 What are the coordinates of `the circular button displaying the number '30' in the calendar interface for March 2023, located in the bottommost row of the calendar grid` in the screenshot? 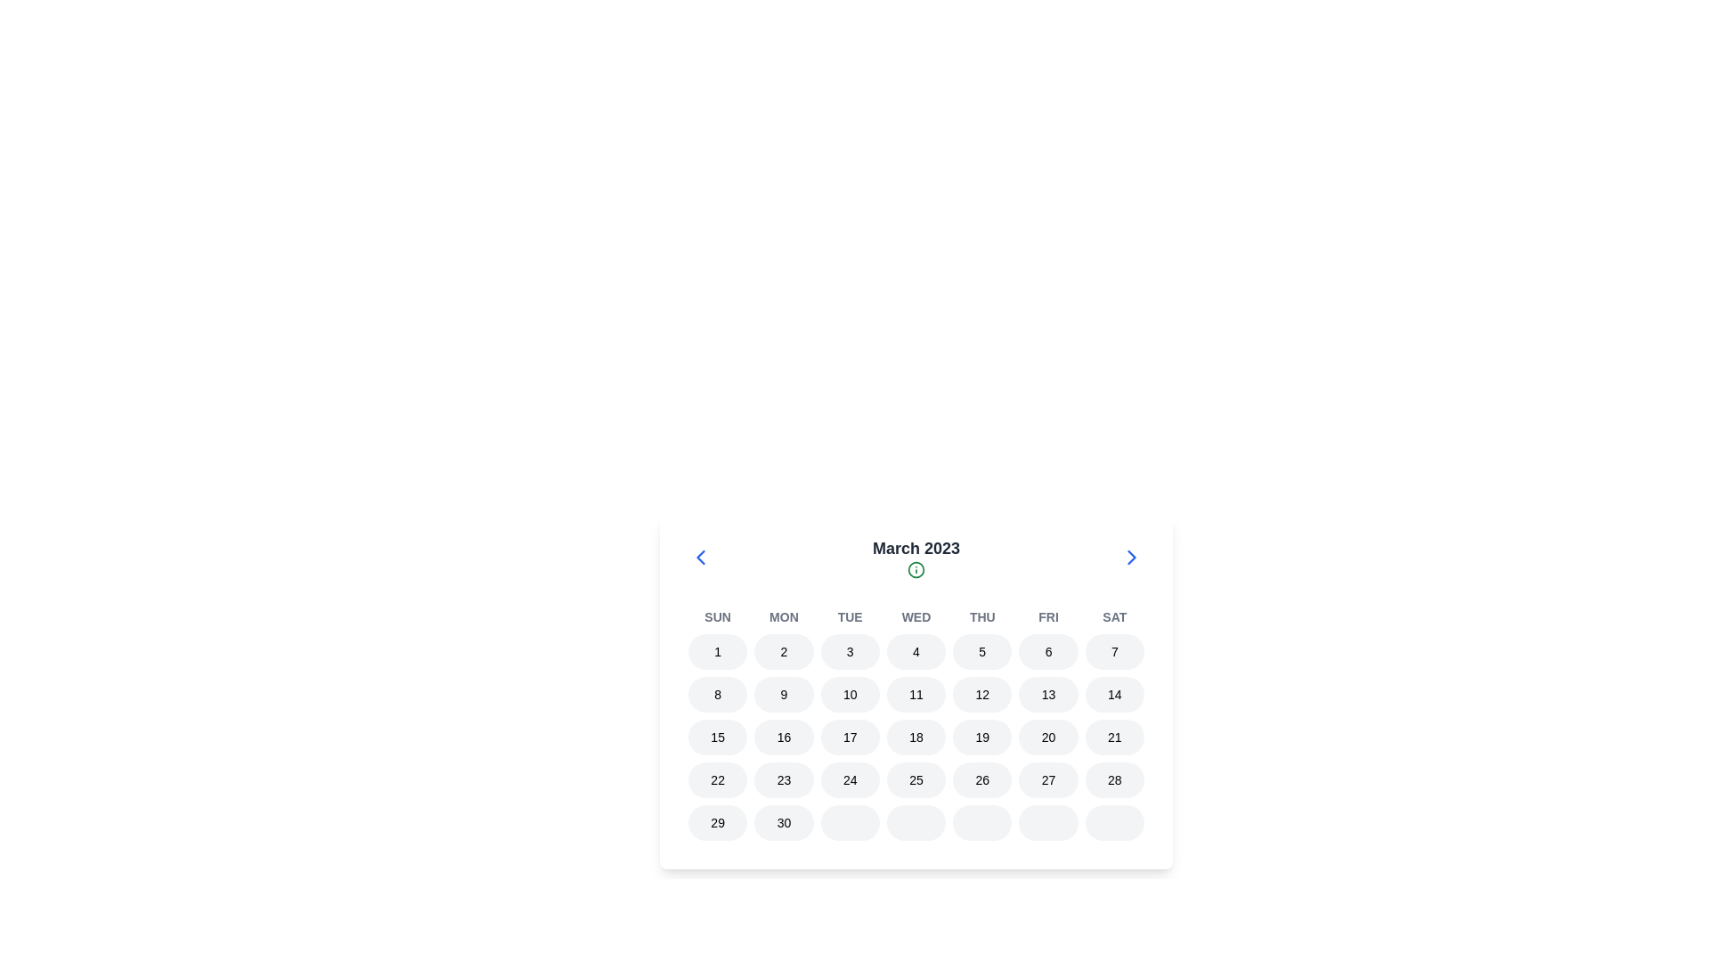 It's located at (784, 823).